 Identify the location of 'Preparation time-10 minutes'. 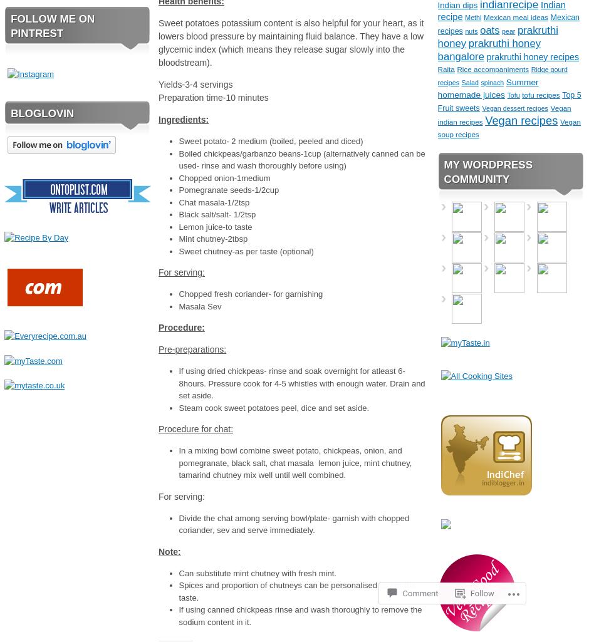
(158, 97).